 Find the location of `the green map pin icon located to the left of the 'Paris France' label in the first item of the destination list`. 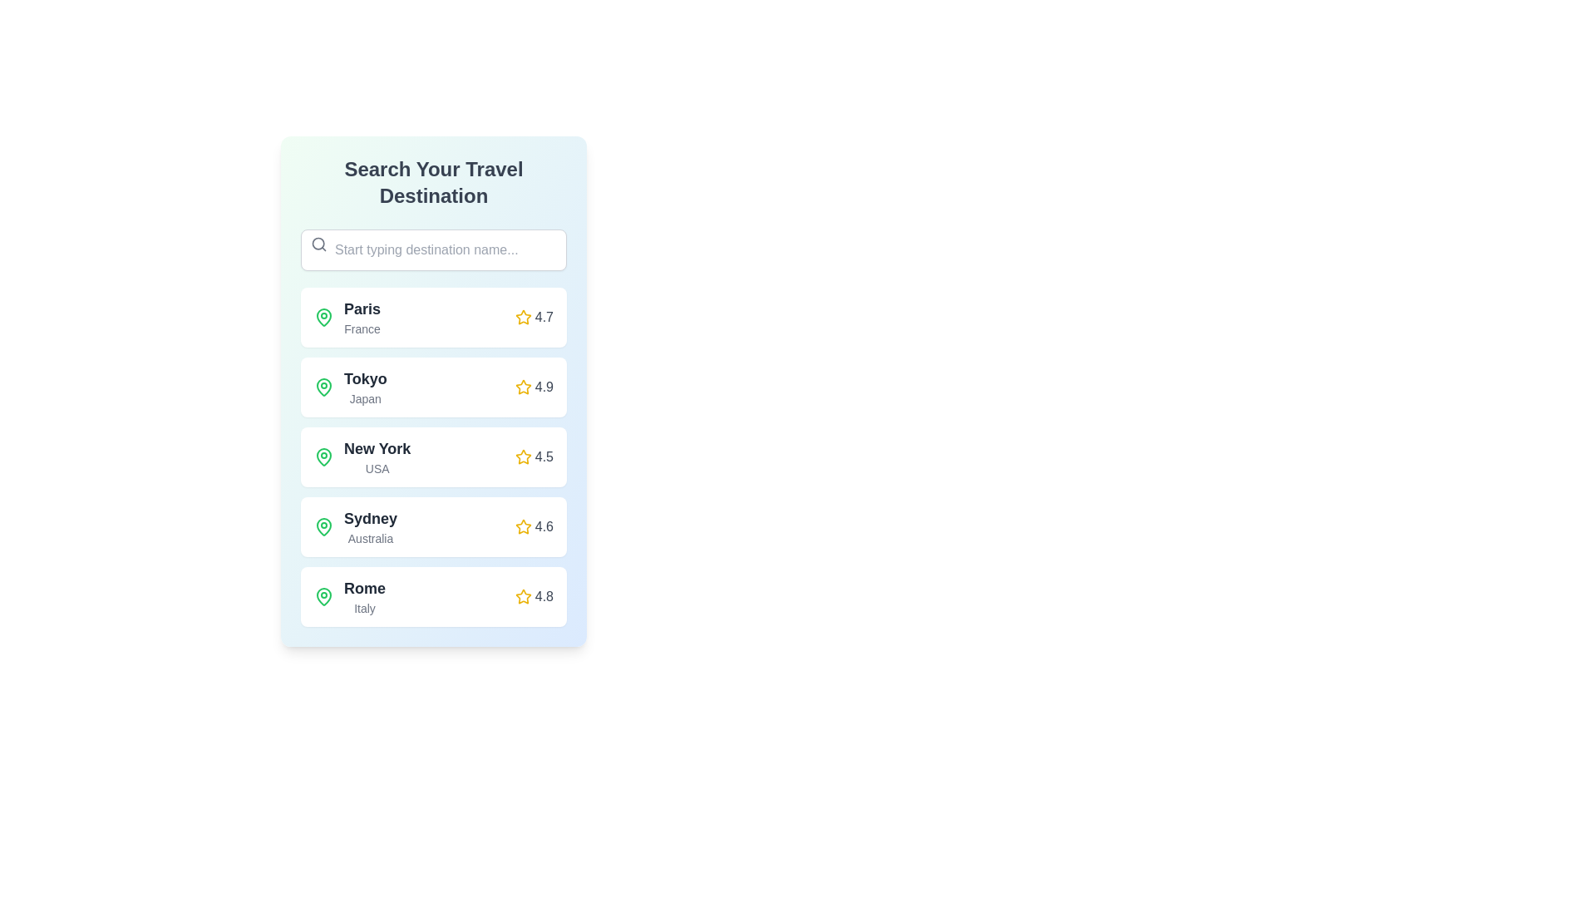

the green map pin icon located to the left of the 'Paris France' label in the first item of the destination list is located at coordinates (323, 317).